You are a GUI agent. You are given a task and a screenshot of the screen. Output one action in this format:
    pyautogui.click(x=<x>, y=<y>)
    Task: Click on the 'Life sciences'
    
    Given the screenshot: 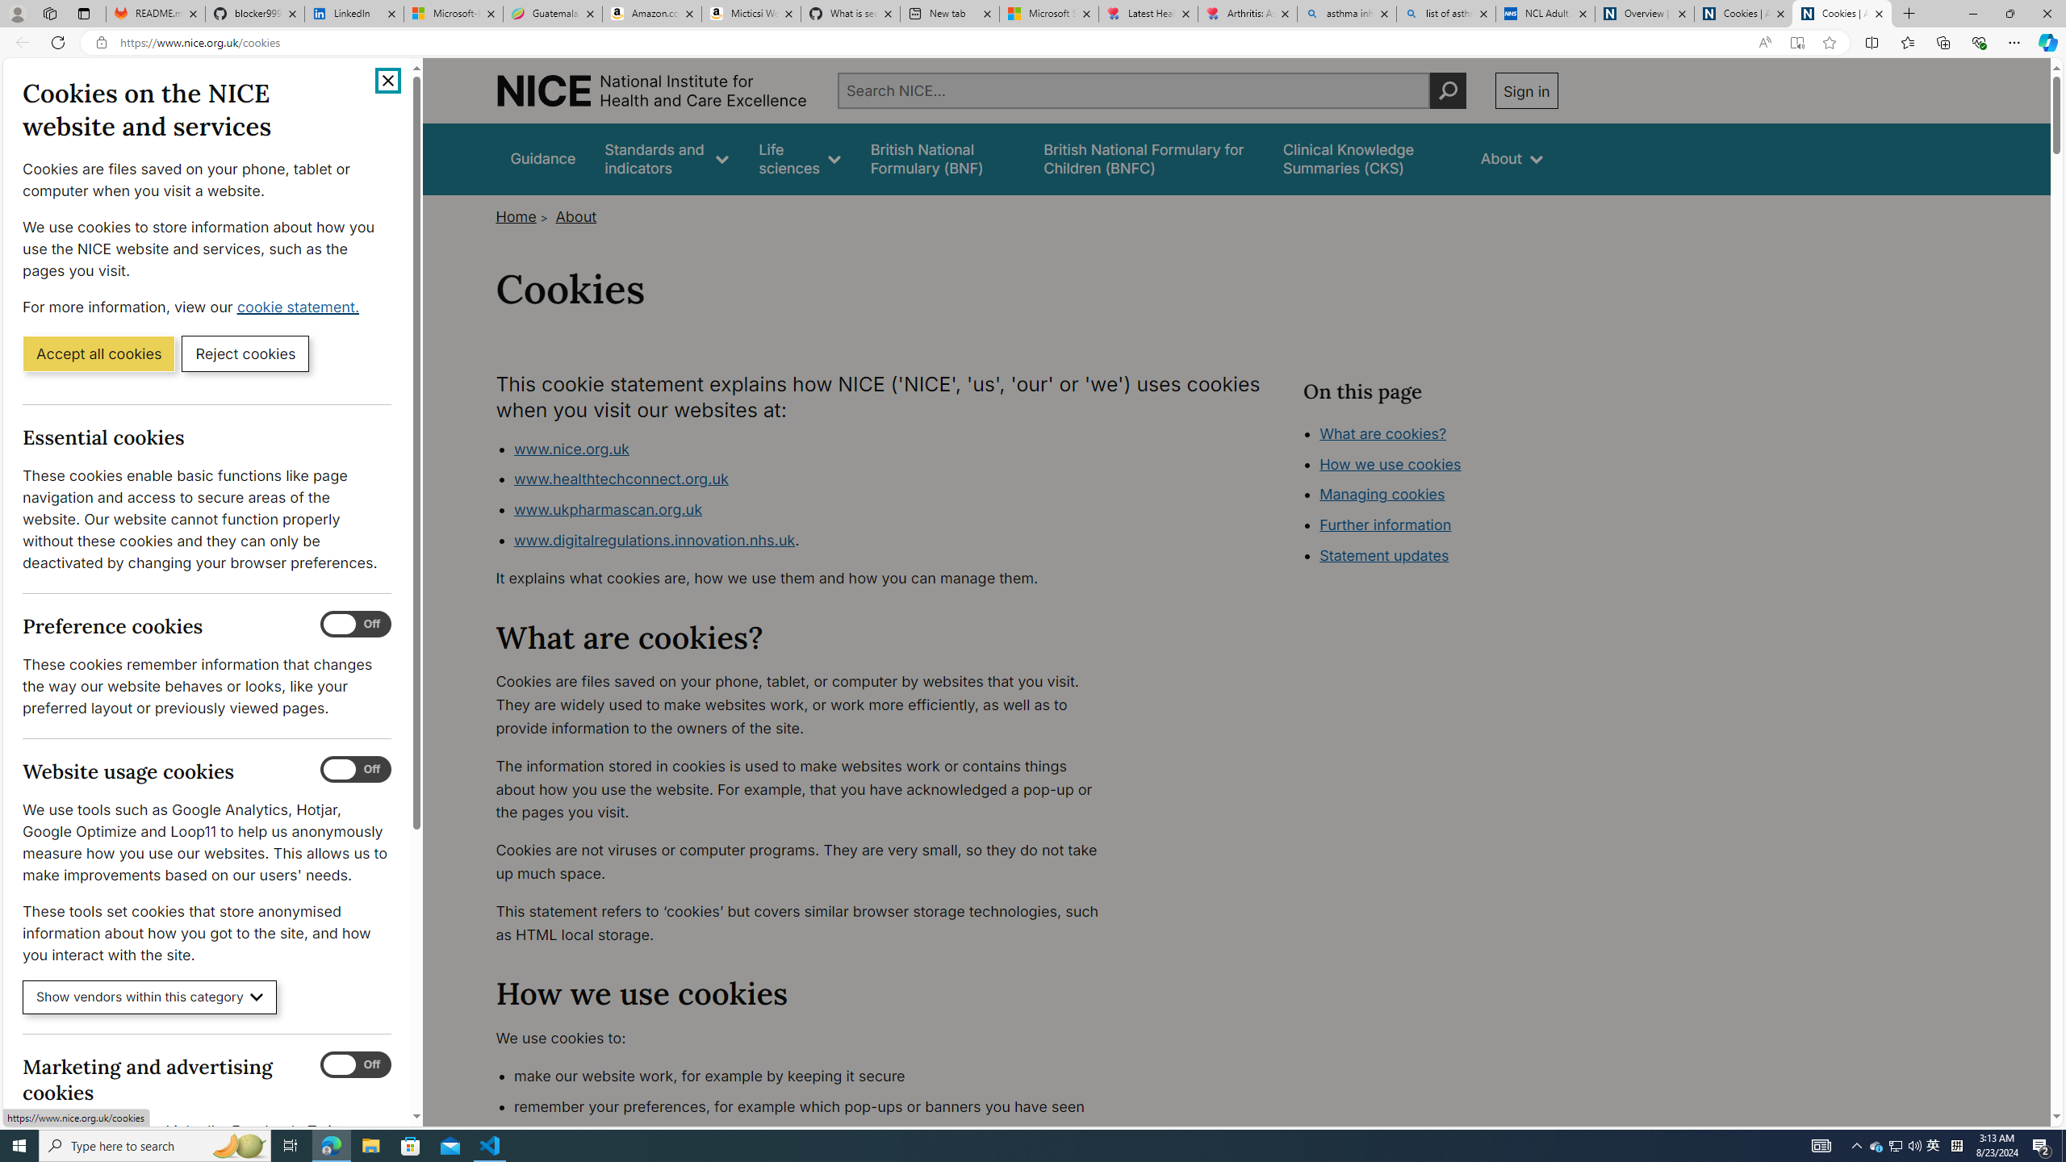 What is the action you would take?
    pyautogui.click(x=799, y=158)
    